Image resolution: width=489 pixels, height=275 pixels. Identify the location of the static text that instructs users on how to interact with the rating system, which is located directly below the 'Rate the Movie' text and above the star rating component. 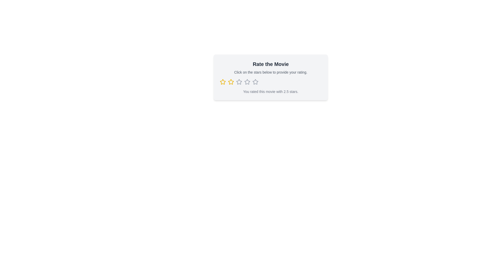
(270, 72).